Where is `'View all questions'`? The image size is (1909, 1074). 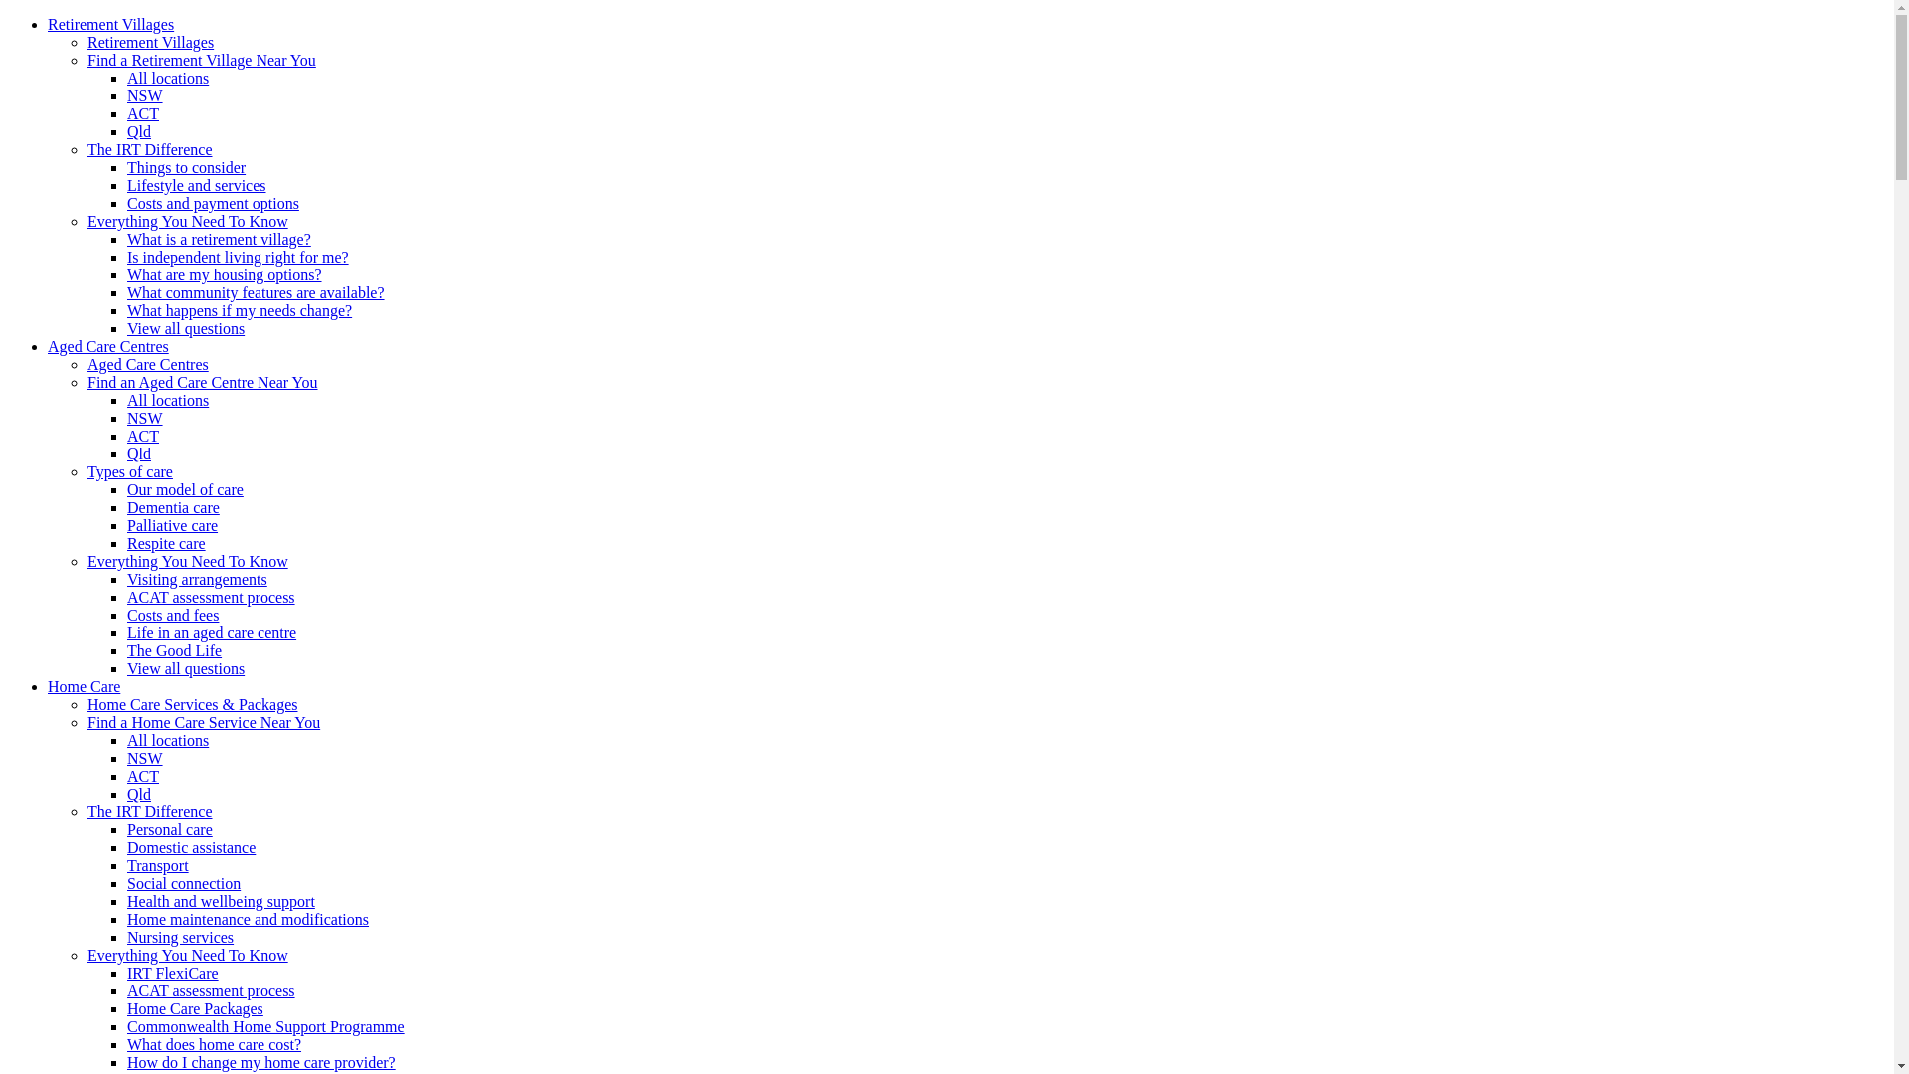
'View all questions' is located at coordinates (186, 327).